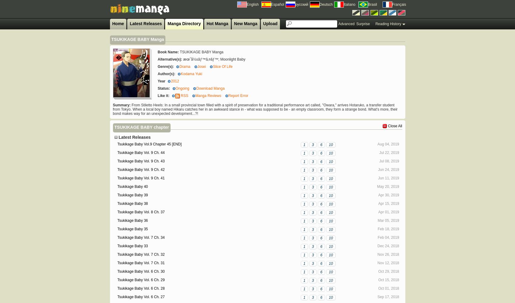 This screenshot has height=303, width=515. Describe the element at coordinates (326, 5) in the screenshot. I see `'Deutsch'` at that location.